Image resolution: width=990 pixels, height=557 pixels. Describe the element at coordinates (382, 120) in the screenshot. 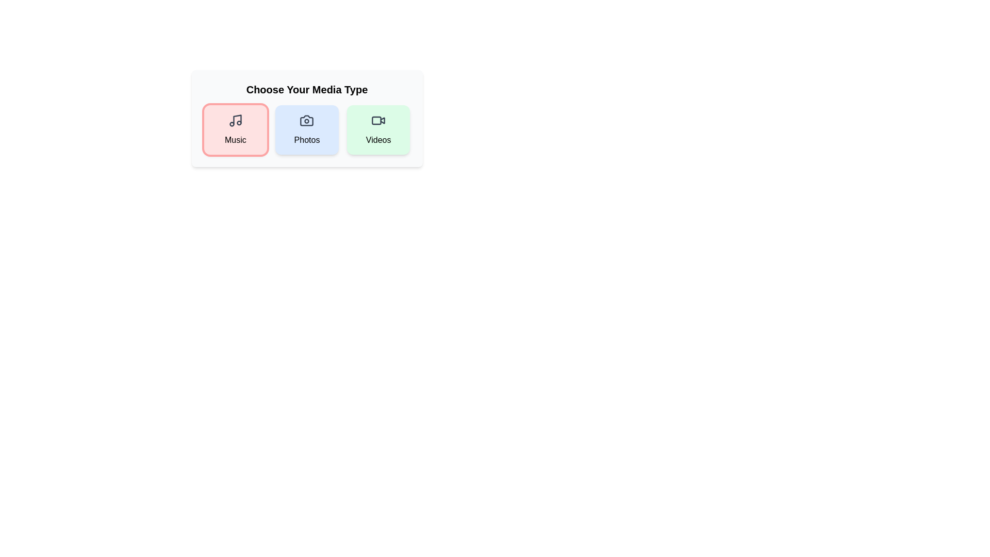

I see `the video camera icon component located on the rightmost segment of the 'Videos' button in the second row of media type selection for reference` at that location.